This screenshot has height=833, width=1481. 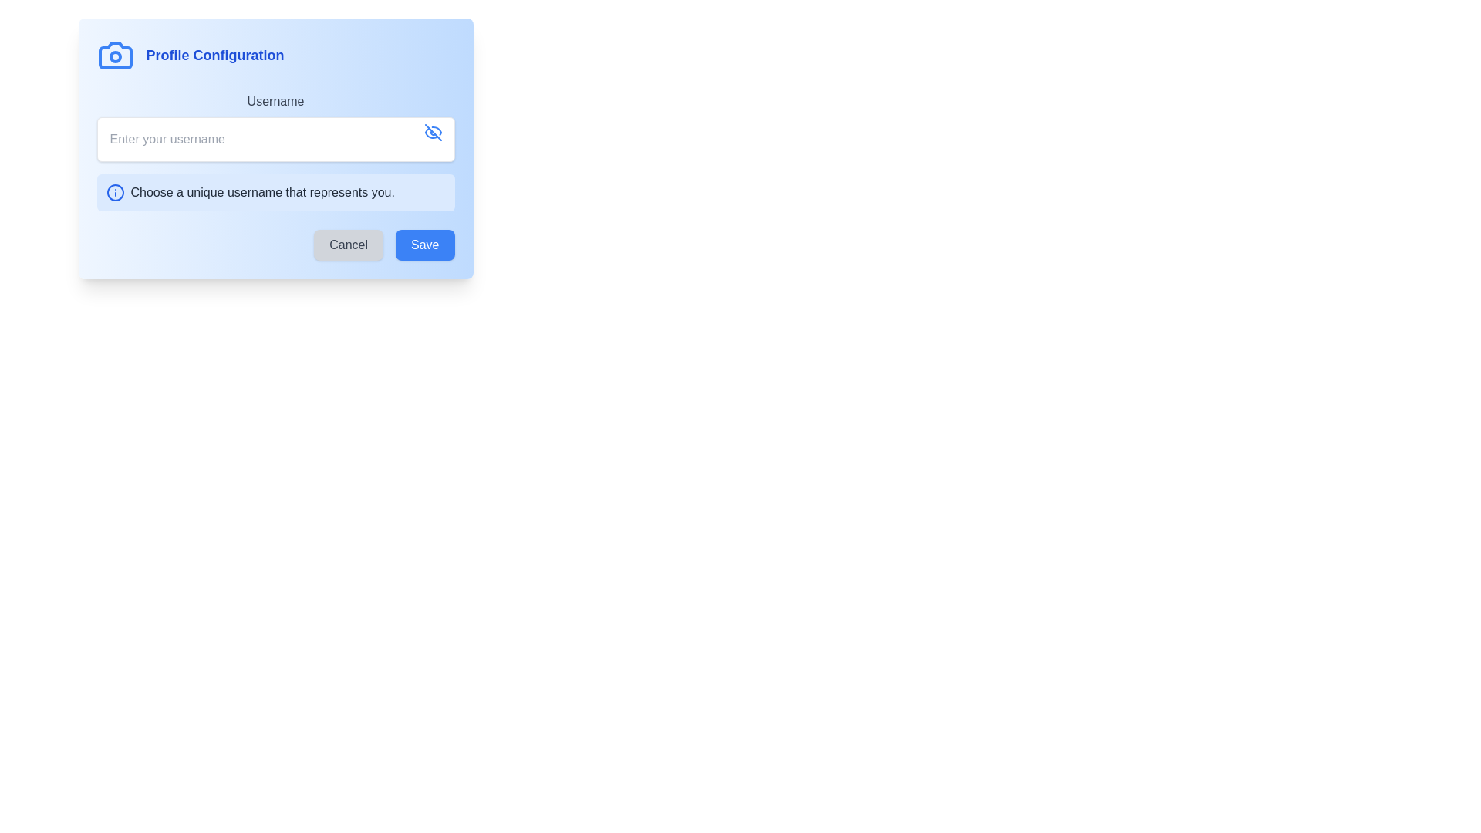 What do you see at coordinates (214, 55) in the screenshot?
I see `the static text element labeled 'Profile Configuration' which serves as a header to associate it with its related content` at bounding box center [214, 55].